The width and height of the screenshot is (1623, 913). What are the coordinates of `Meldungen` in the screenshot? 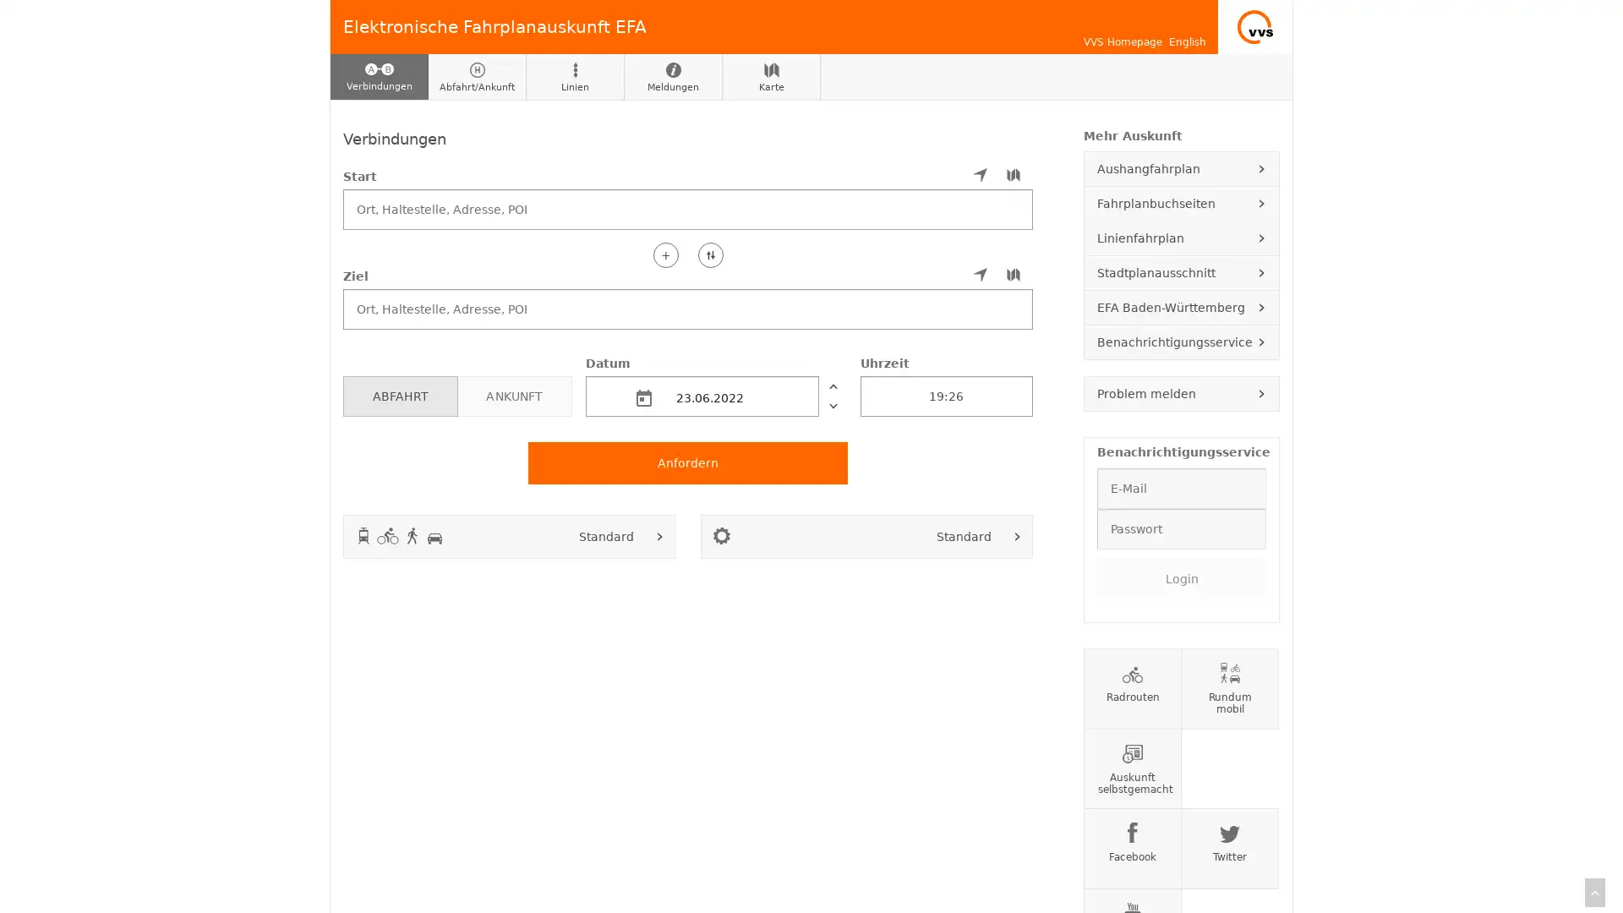 It's located at (672, 77).